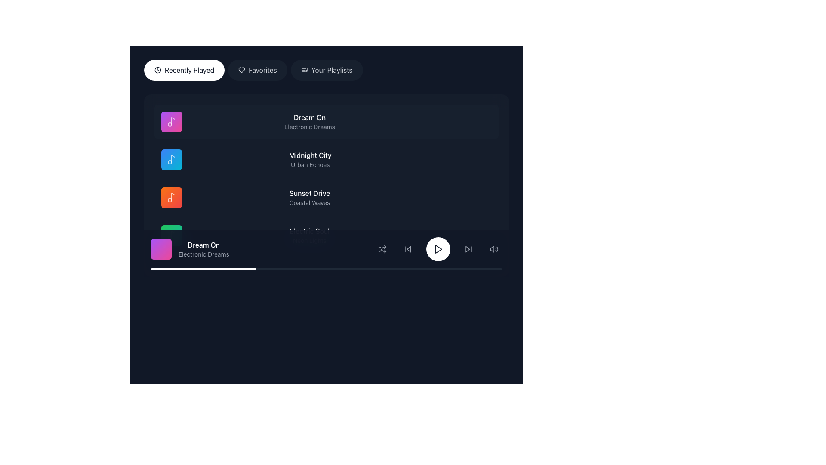  What do you see at coordinates (157, 69) in the screenshot?
I see `the compact circular clock icon with a thin border located to the left of the 'Recently Played' text in the white rounded rectangular navigation tab` at bounding box center [157, 69].